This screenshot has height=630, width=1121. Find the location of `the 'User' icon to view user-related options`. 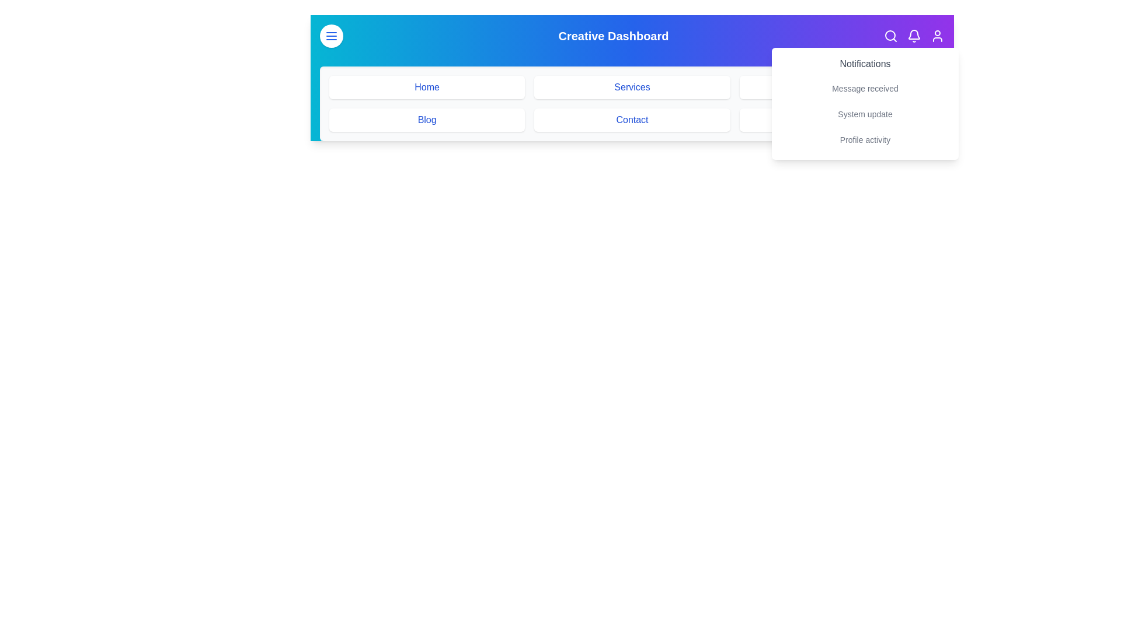

the 'User' icon to view user-related options is located at coordinates (938, 35).